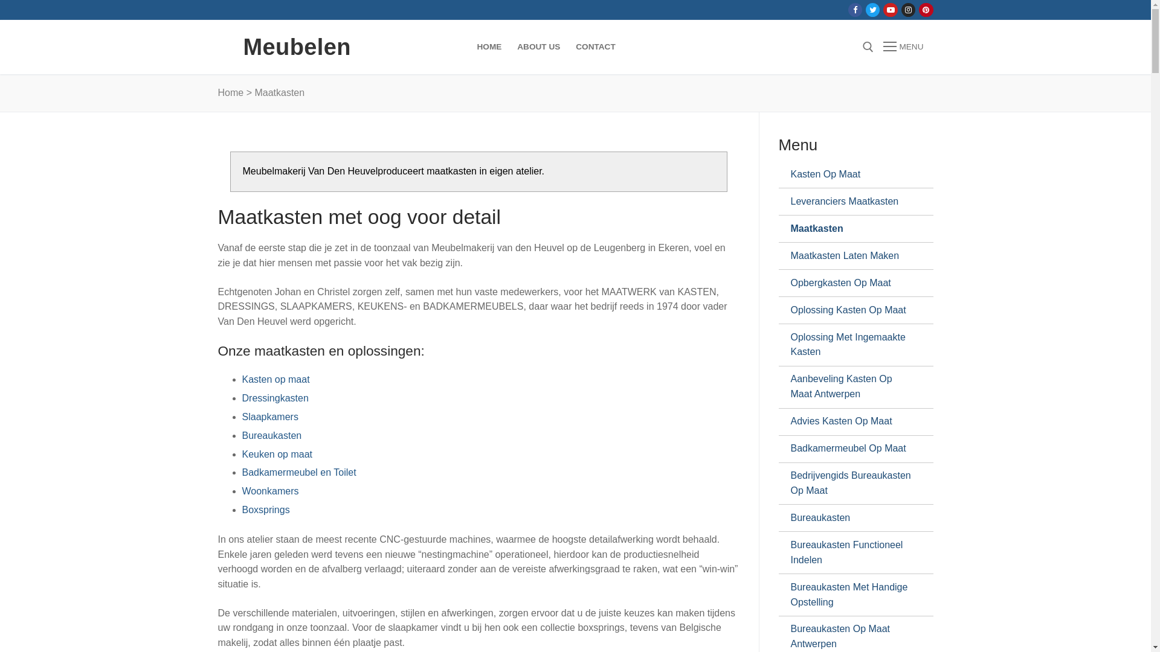 This screenshot has width=1160, height=652. I want to click on 'Badkamermeubel Op Maat', so click(849, 449).